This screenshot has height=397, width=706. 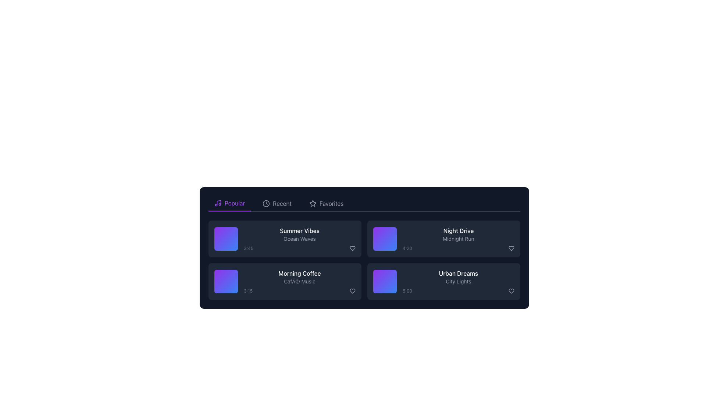 I want to click on the 'Favorites' text label located on the top navigation bar, positioned to the right of the 'Recent' item and immediately after a star-shaped icon, so click(x=331, y=204).